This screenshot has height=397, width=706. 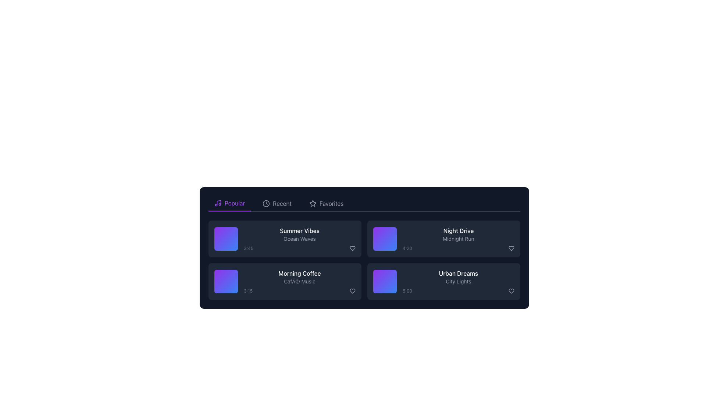 I want to click on the 'Favorites' text label located on the top navigation bar, positioned to the right of the 'Recent' item and immediately after a star-shaped icon, so click(x=331, y=204).